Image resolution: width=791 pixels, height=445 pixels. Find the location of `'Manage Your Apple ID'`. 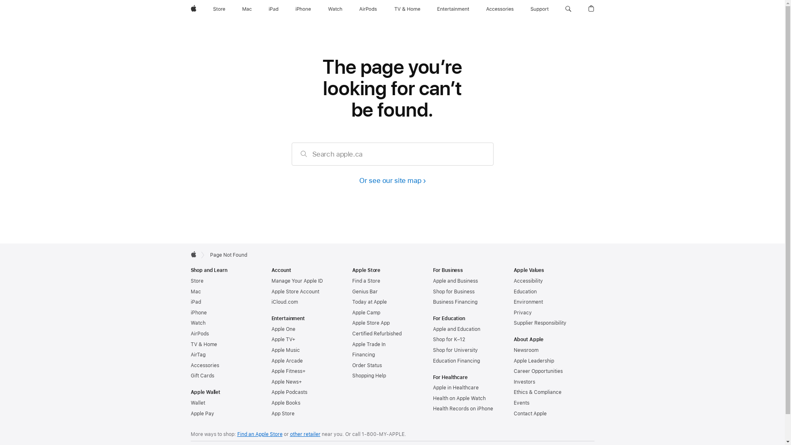

'Manage Your Apple ID' is located at coordinates (297, 281).